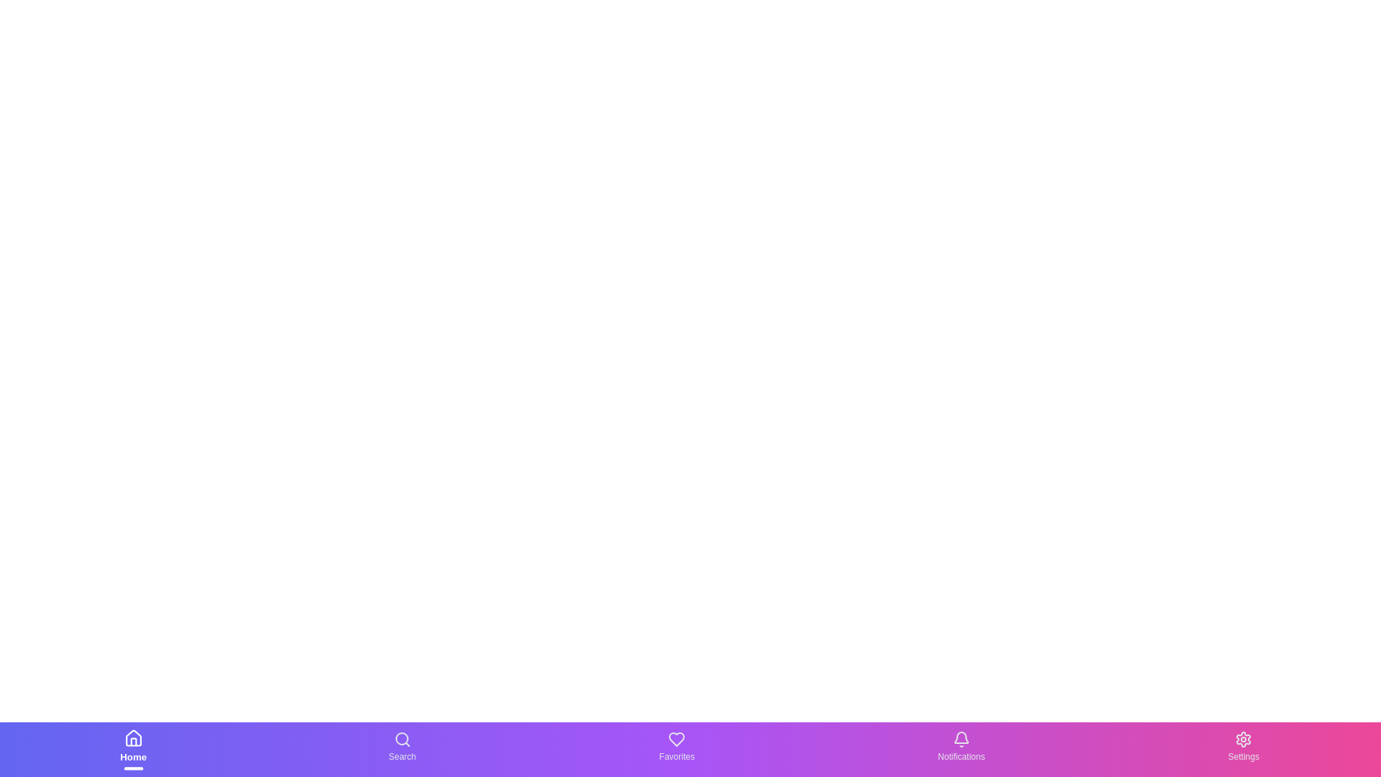 The image size is (1381, 777). What do you see at coordinates (1243, 748) in the screenshot?
I see `the Settings text label in the bottom navigation` at bounding box center [1243, 748].